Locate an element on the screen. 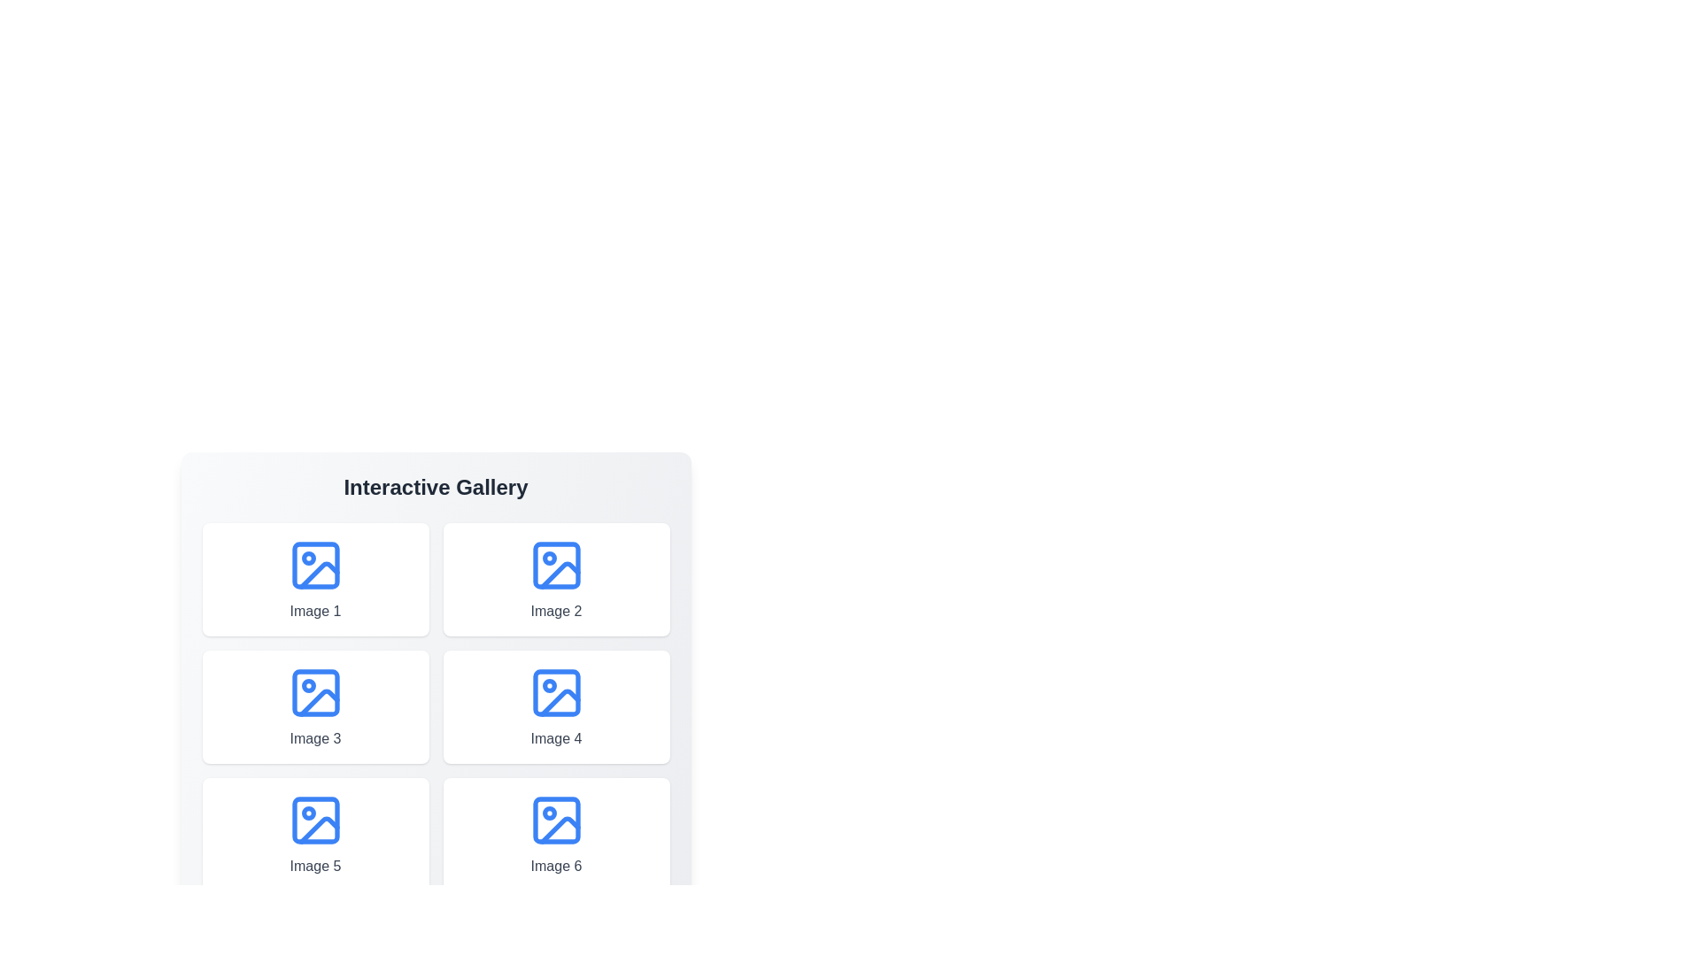  the image titled 'Image 6' to see its hover effect is located at coordinates (555, 834).